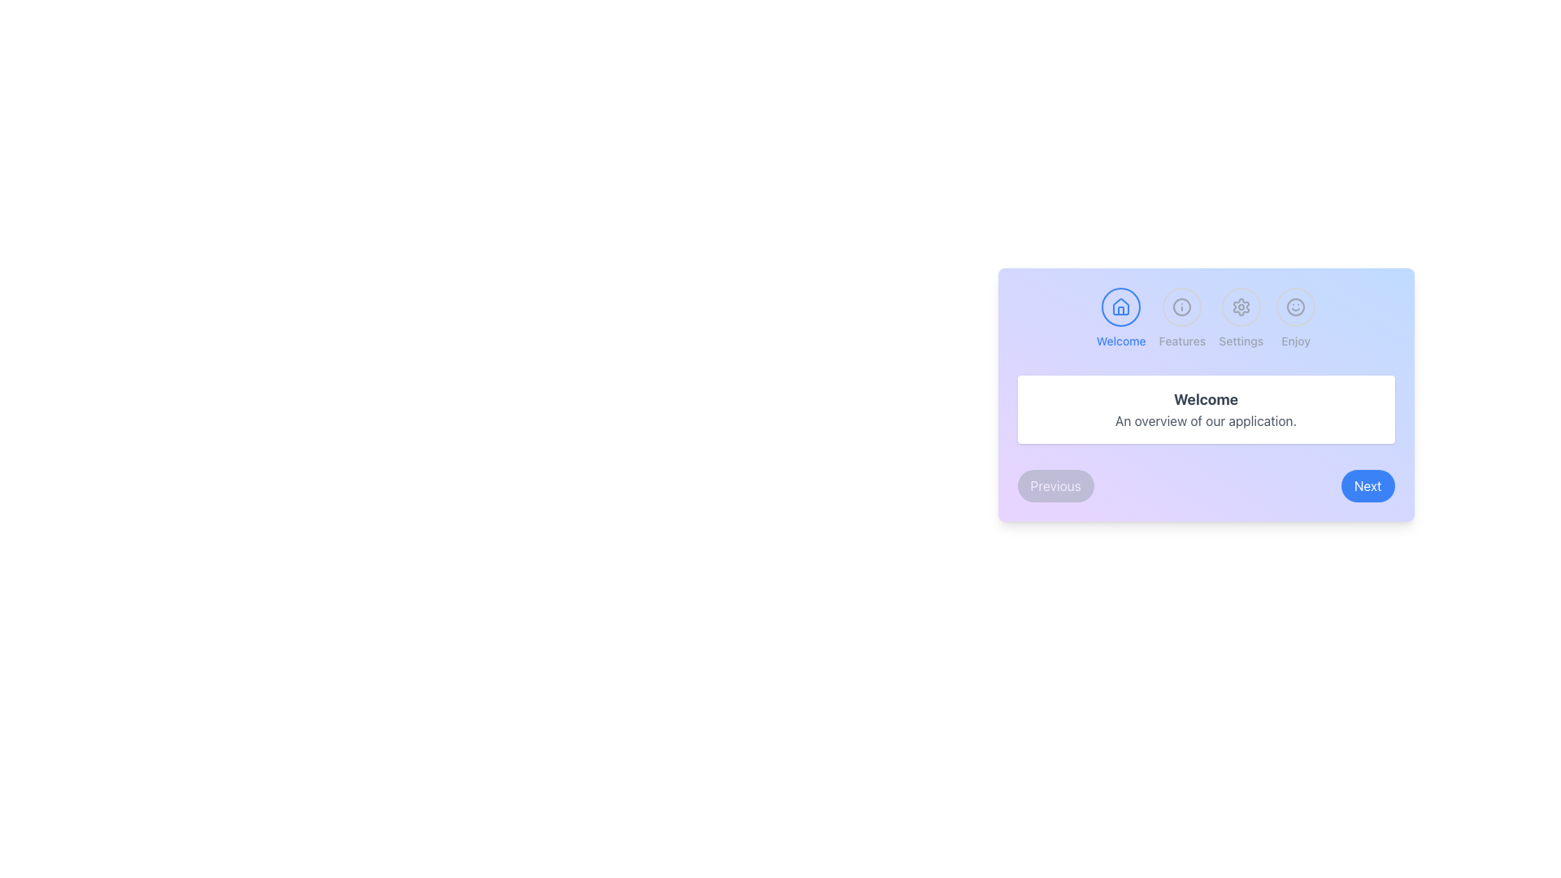 This screenshot has height=878, width=1561. What do you see at coordinates (1206, 409) in the screenshot?
I see `the welcome message text block, which is centrally located beneath the menu options and above the 'Previous' and 'Next' buttons` at bounding box center [1206, 409].